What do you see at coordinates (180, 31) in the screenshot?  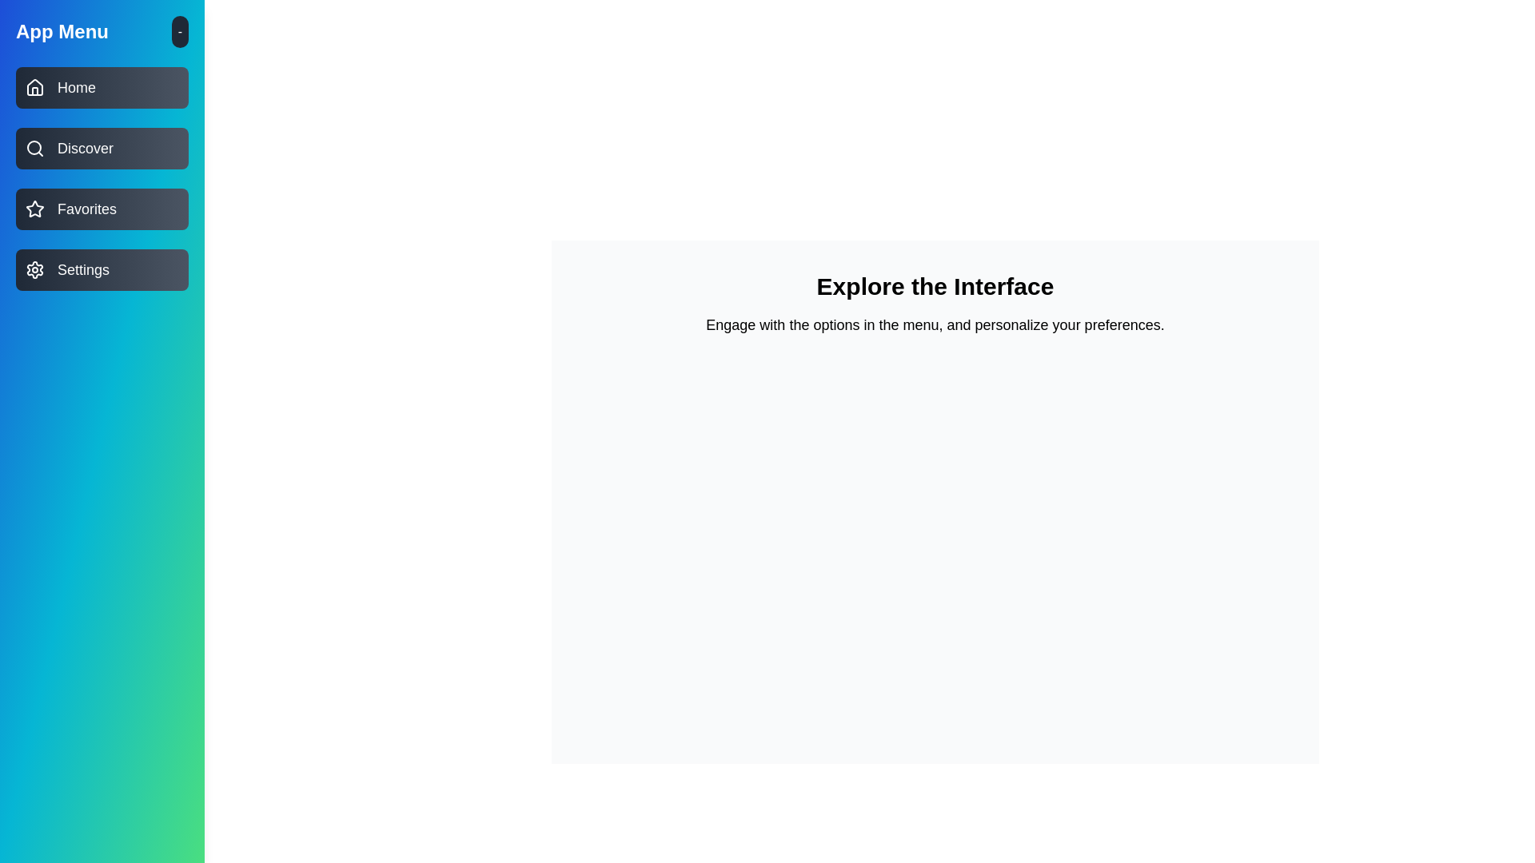 I see `the '-' button to toggle the visibility of the drawer` at bounding box center [180, 31].